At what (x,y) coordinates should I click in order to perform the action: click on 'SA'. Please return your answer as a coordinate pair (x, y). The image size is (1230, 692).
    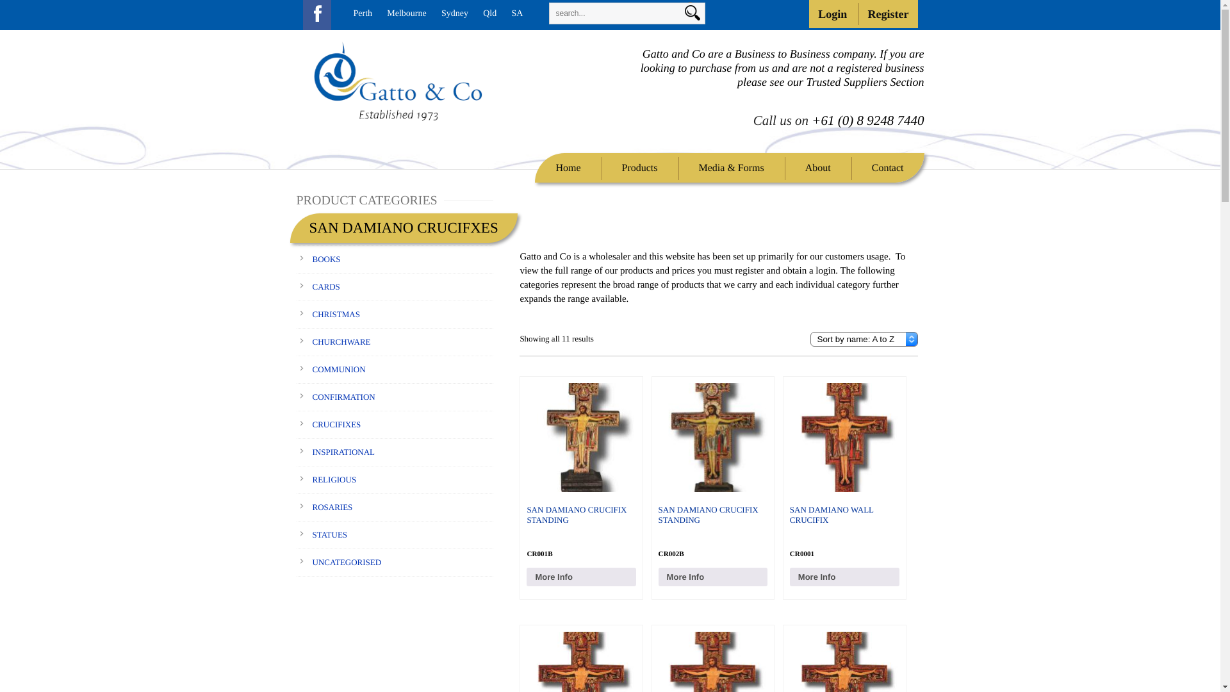
    Looking at the image, I should click on (516, 13).